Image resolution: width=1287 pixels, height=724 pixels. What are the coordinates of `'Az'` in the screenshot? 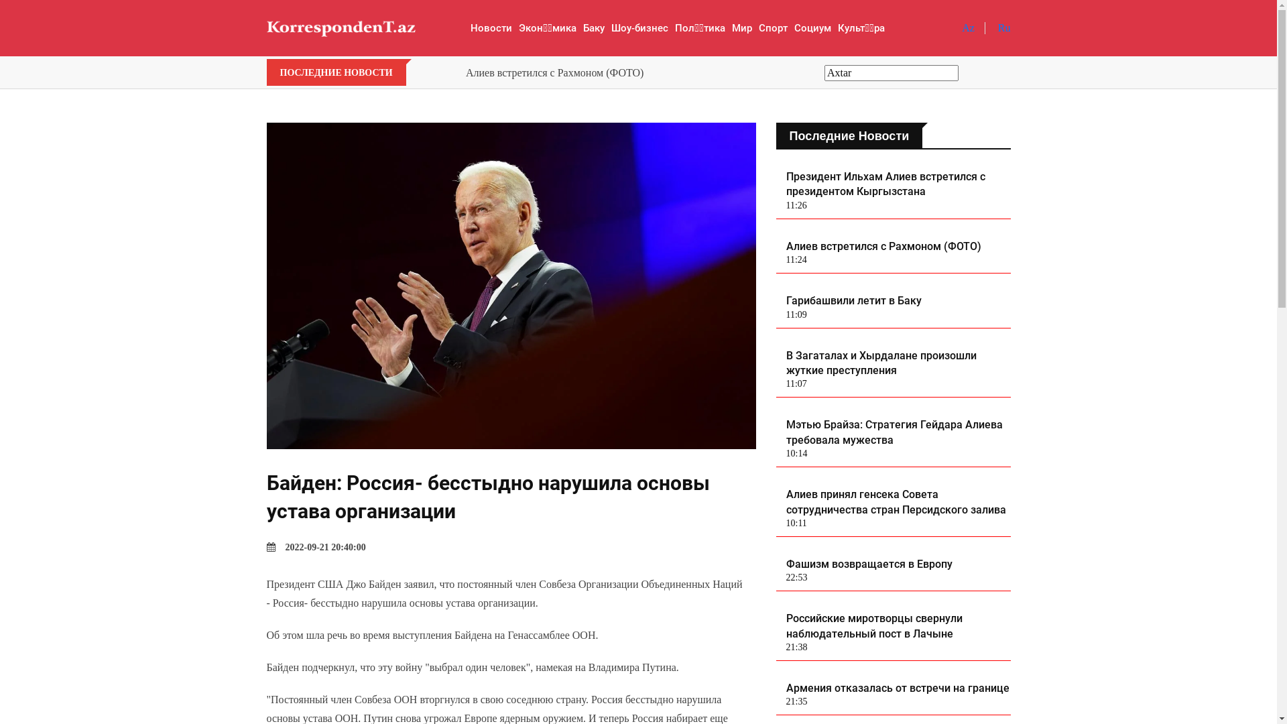 It's located at (968, 27).